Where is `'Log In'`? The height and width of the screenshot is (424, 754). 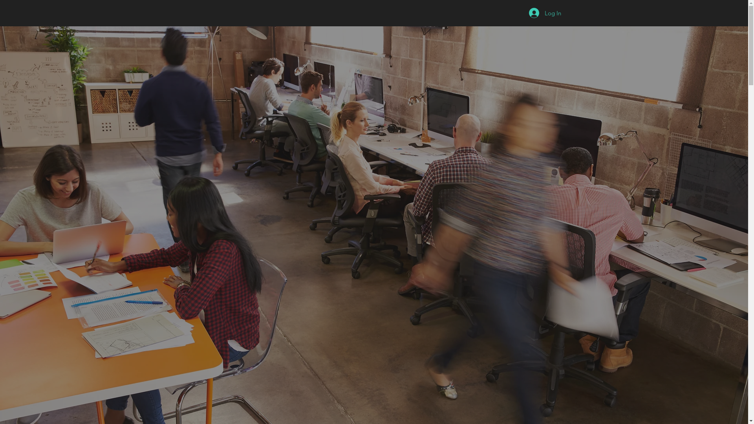 'Log In' is located at coordinates (544, 13).